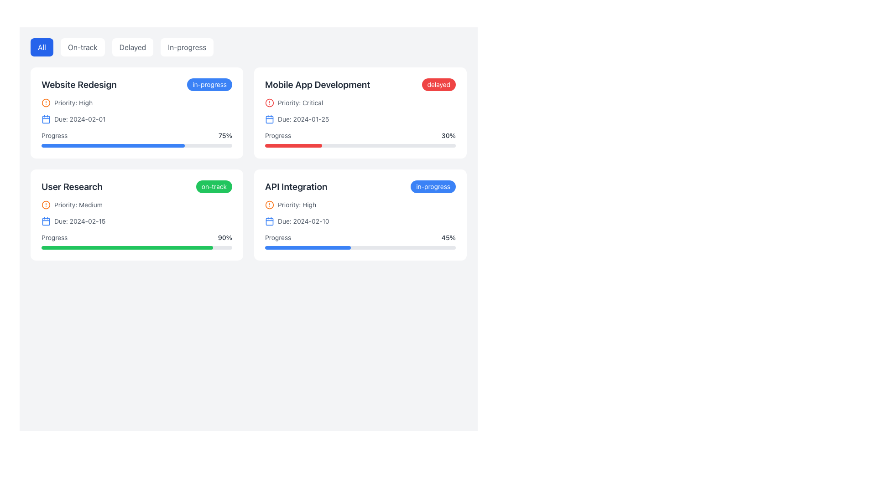  What do you see at coordinates (41, 47) in the screenshot?
I see `the first button on the left in the horizontal arrangement` at bounding box center [41, 47].